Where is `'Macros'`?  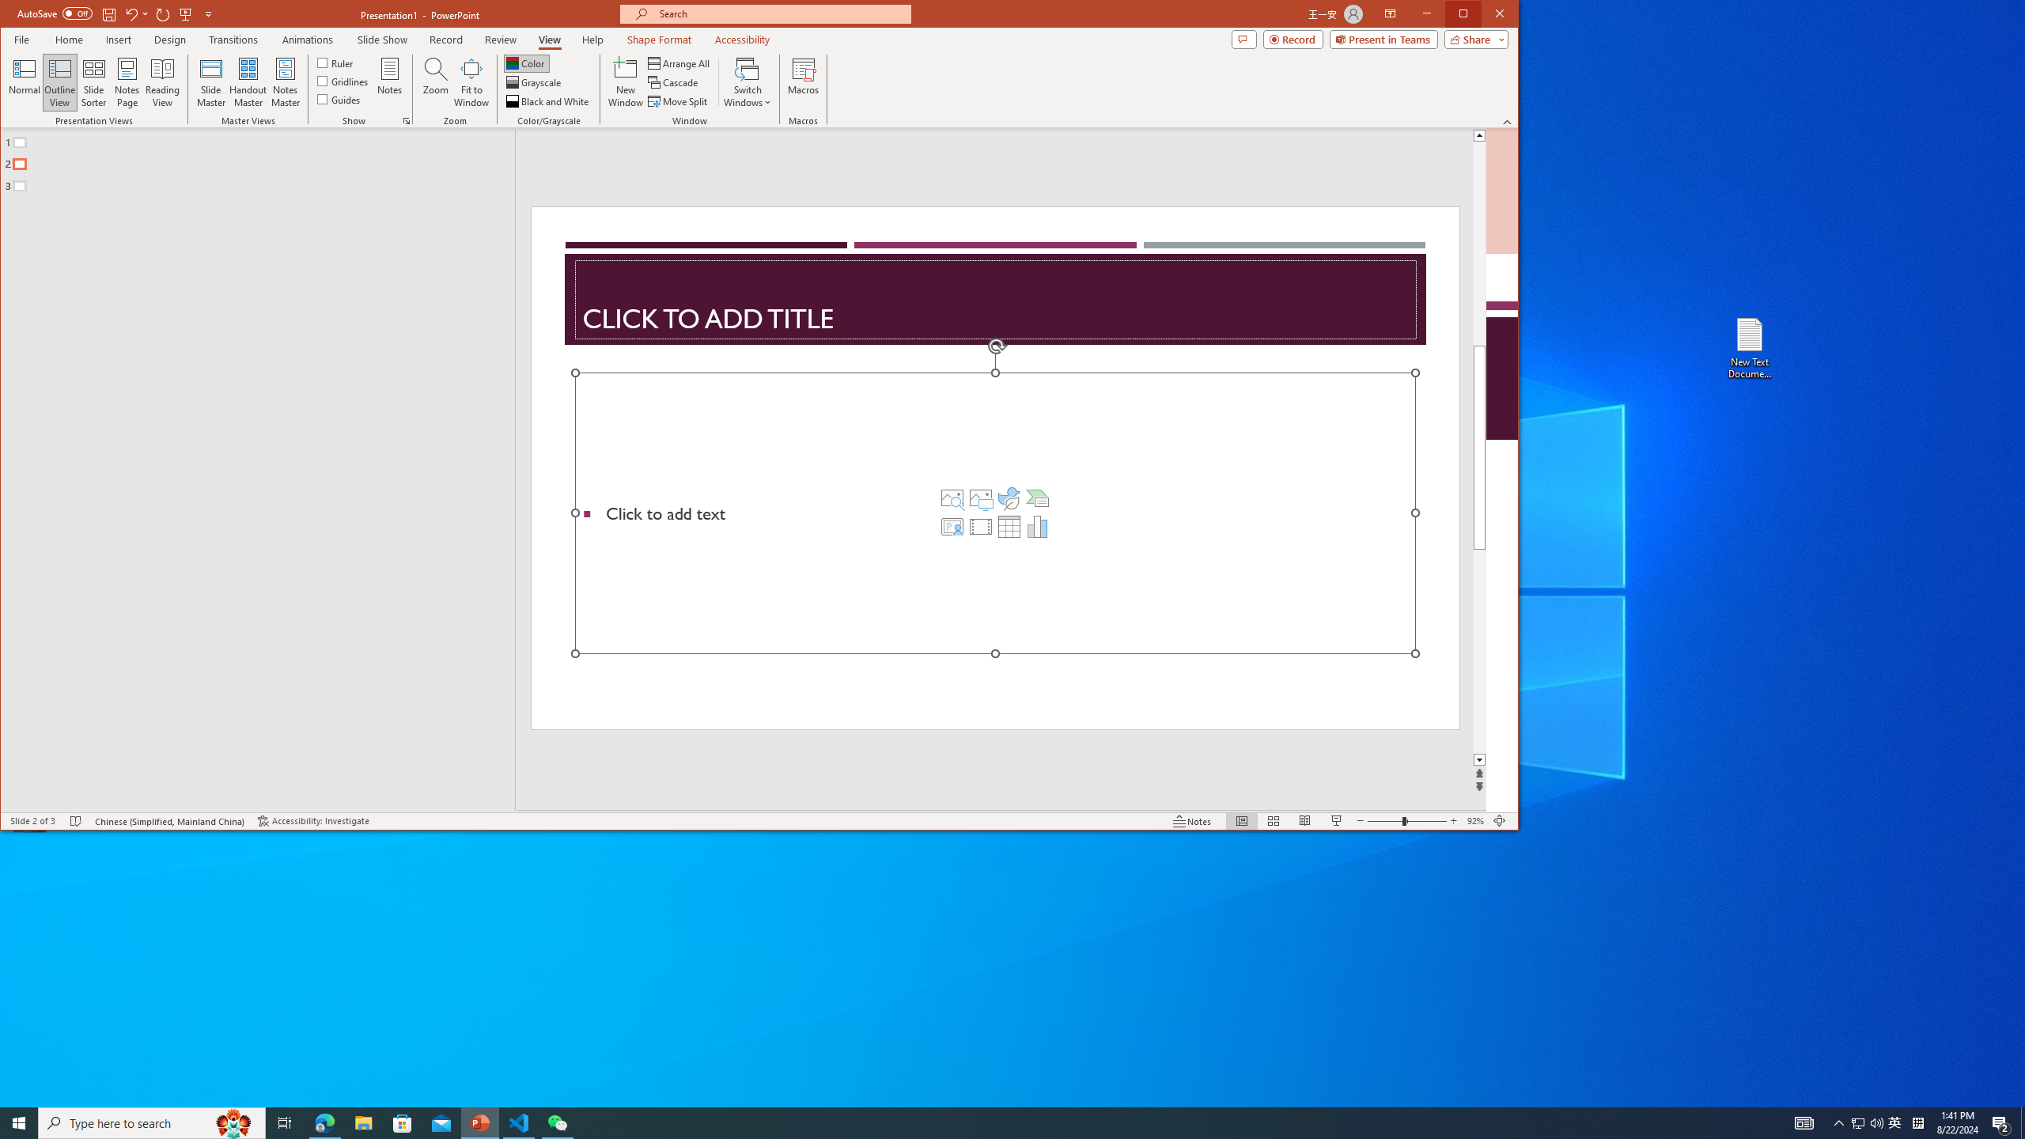 'Macros' is located at coordinates (803, 81).